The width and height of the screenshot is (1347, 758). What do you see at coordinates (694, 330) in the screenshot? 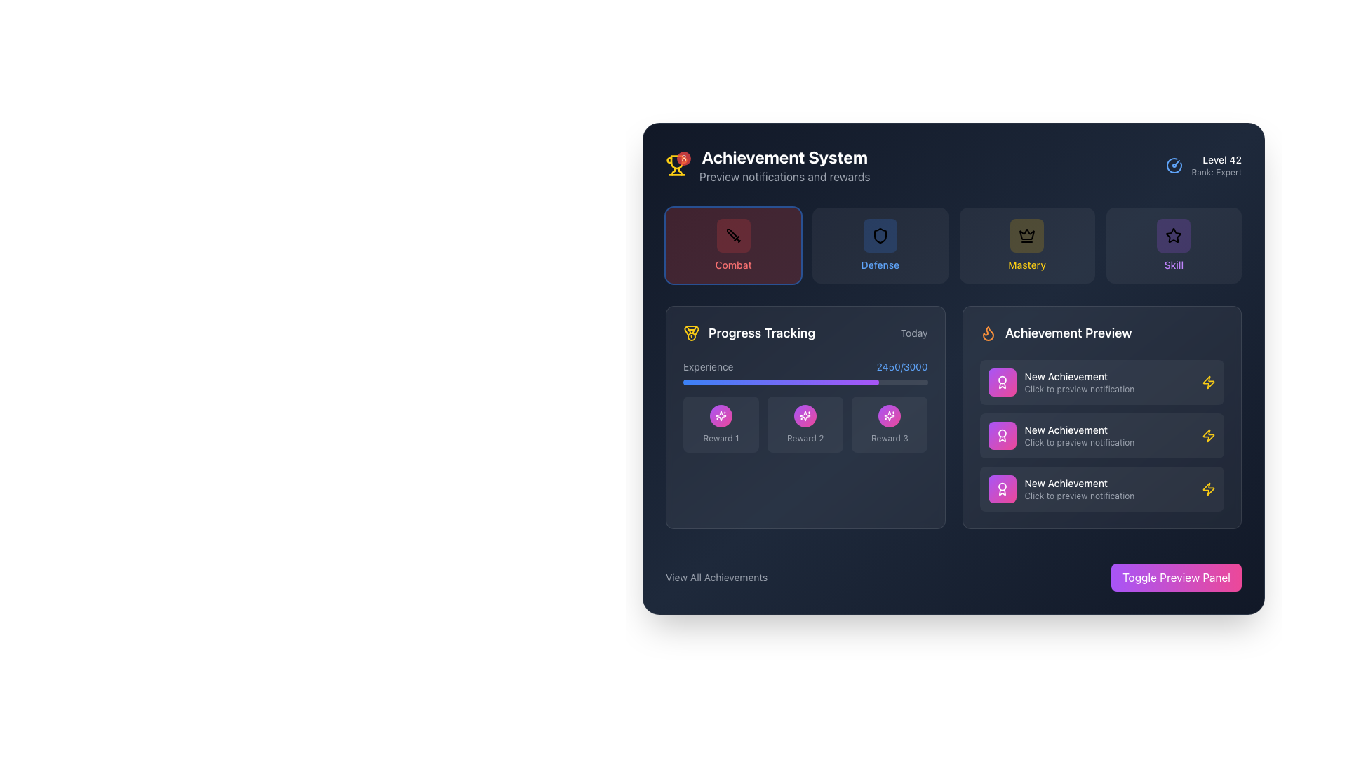
I see `the yellow medal-shaped icon that represents achievements within the SVG graphic located in the top-left corner near the 'Achievement System' heading` at bounding box center [694, 330].